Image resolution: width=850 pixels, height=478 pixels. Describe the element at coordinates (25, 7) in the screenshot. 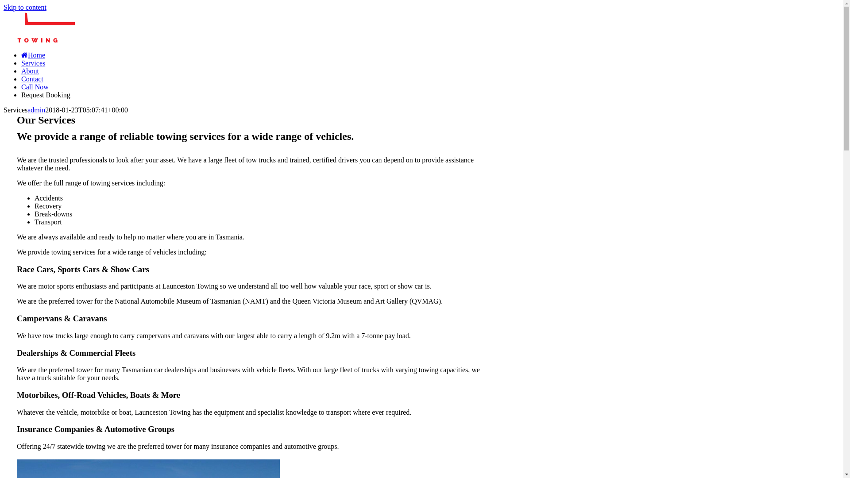

I see `'Skip to content'` at that location.